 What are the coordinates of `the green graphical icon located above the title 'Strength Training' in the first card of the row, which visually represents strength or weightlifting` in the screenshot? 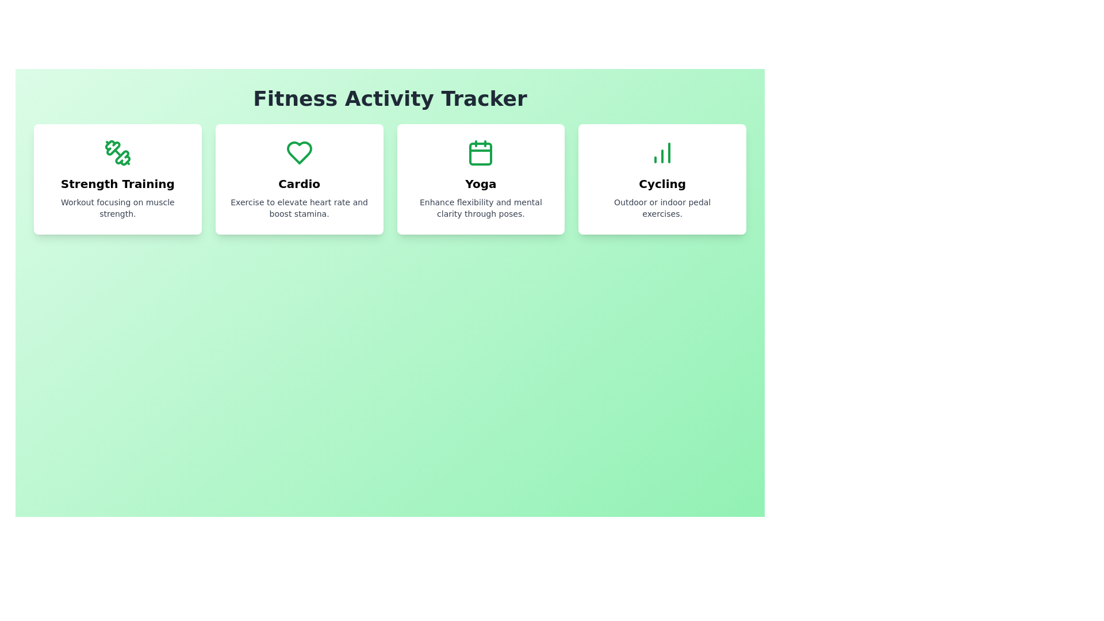 It's located at (122, 158).